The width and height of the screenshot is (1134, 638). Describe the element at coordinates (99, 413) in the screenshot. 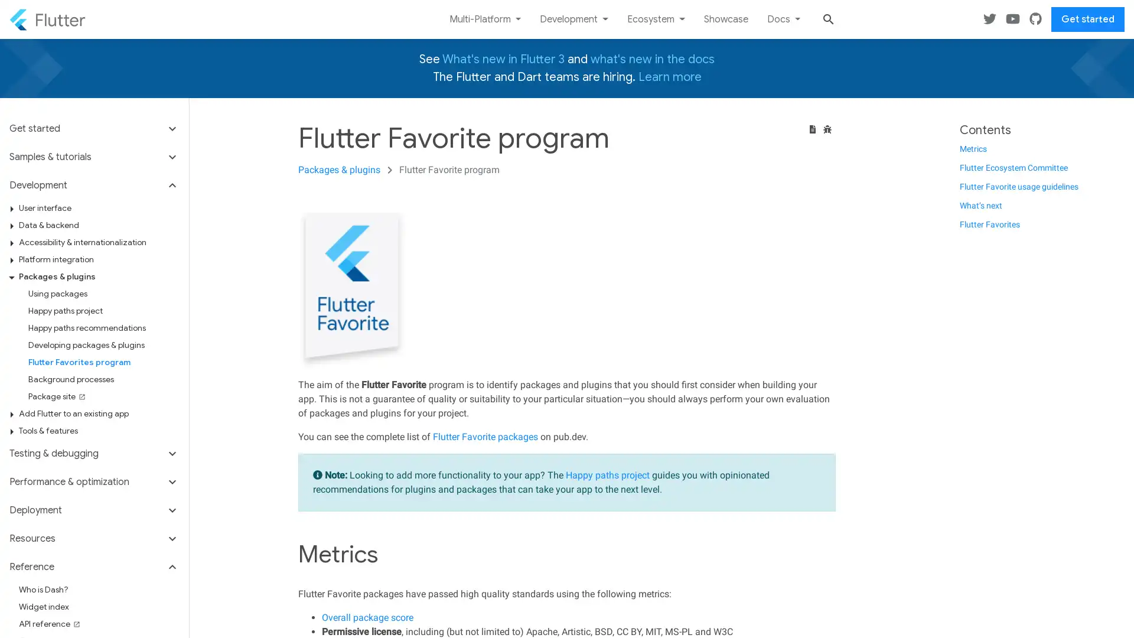

I see `arrow_drop_down Add Flutter to an existing app` at that location.